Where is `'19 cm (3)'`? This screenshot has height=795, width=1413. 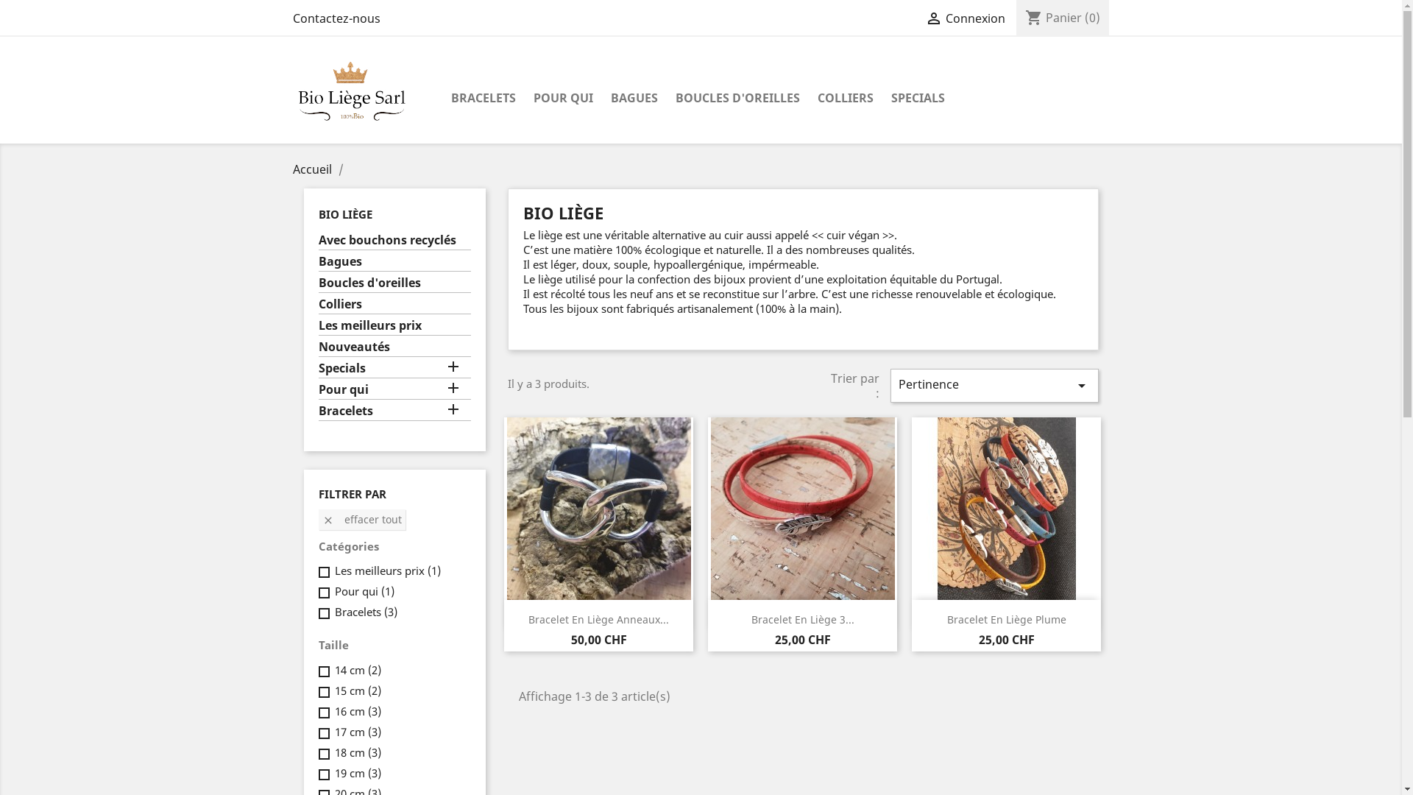 '19 cm (3)' is located at coordinates (333, 771).